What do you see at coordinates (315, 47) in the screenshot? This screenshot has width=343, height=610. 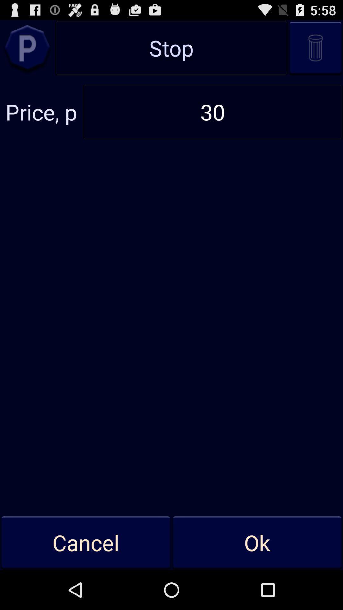 I see `recycle bin icon` at bounding box center [315, 47].